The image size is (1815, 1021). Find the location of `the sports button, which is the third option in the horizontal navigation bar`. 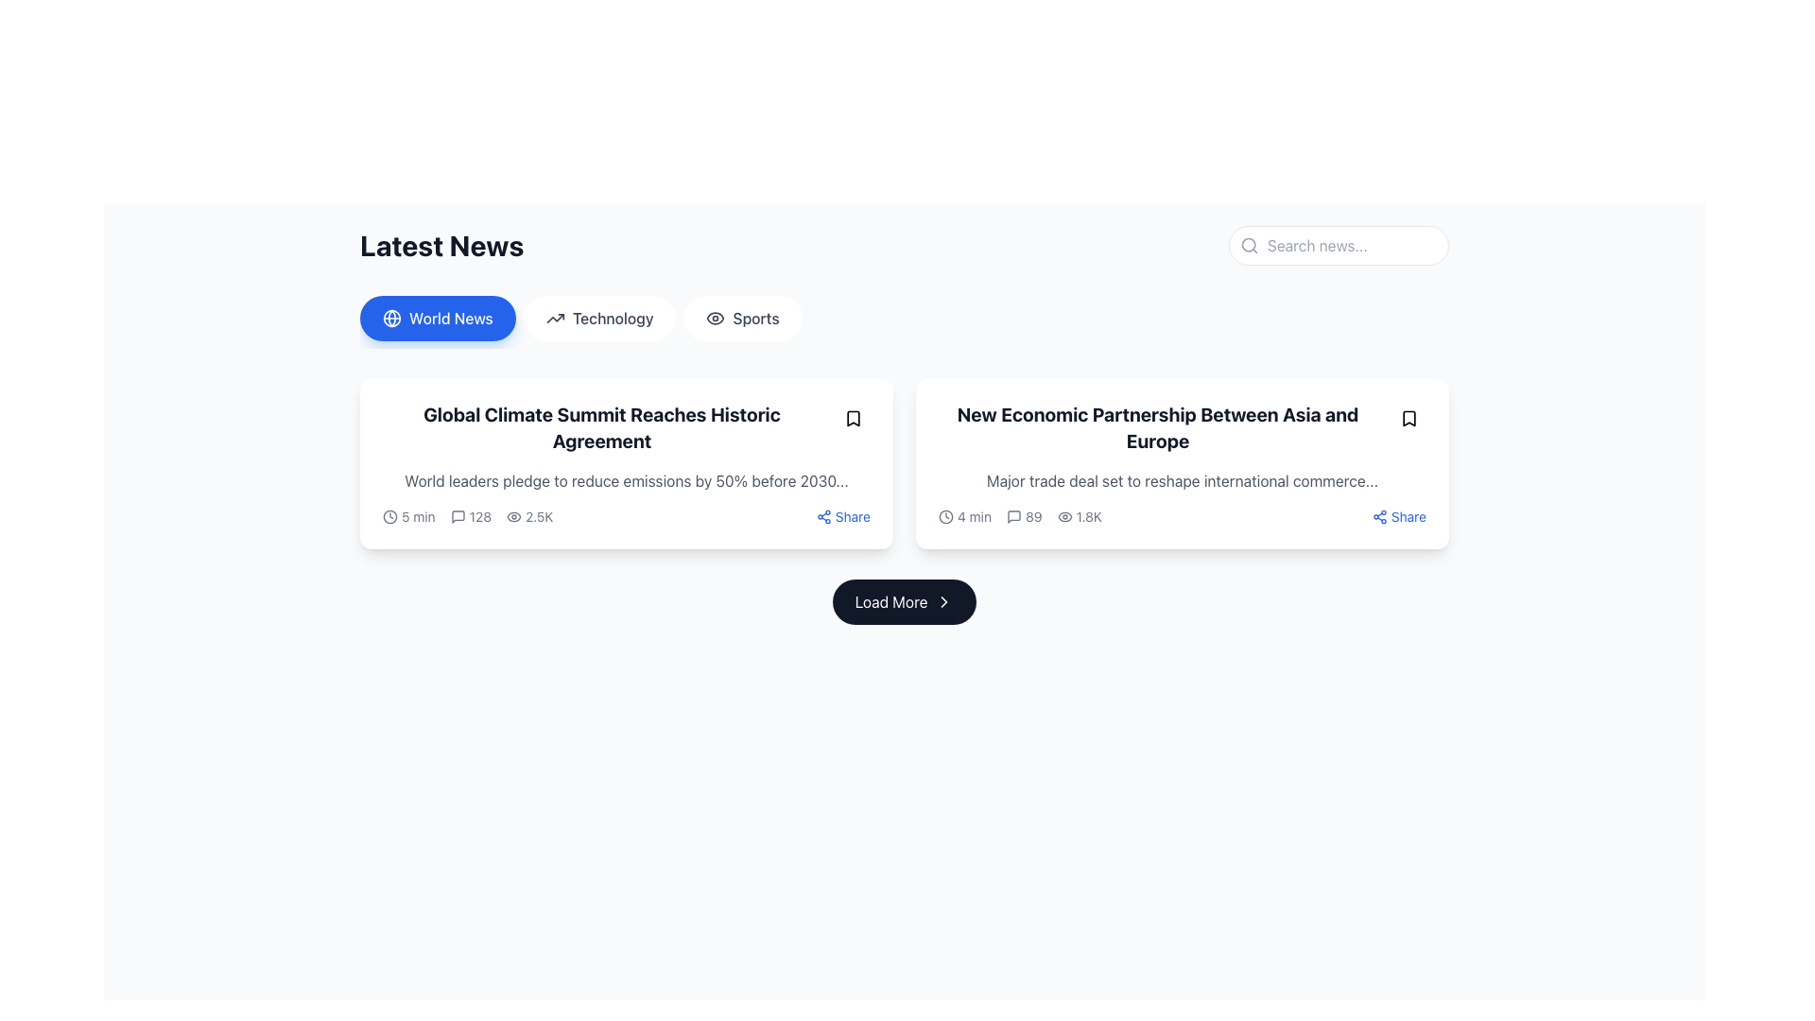

the sports button, which is the third option in the horizontal navigation bar is located at coordinates (742, 317).